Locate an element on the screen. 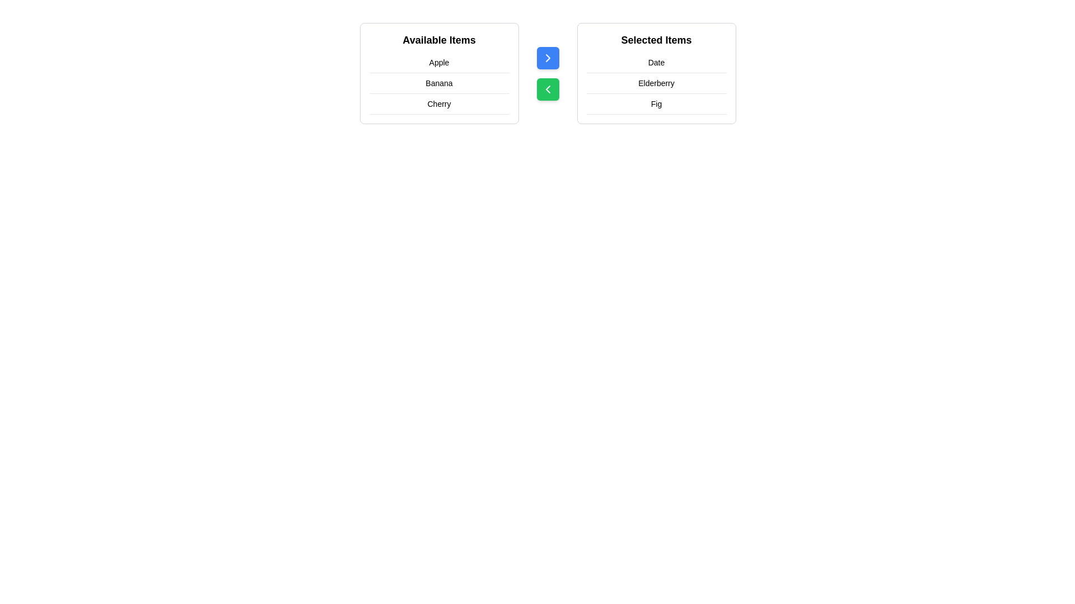 This screenshot has height=604, width=1075. the text label 'Banana', the second item in the list under 'Available Items', which is styled with a small font size and centered alignment is located at coordinates (438, 83).